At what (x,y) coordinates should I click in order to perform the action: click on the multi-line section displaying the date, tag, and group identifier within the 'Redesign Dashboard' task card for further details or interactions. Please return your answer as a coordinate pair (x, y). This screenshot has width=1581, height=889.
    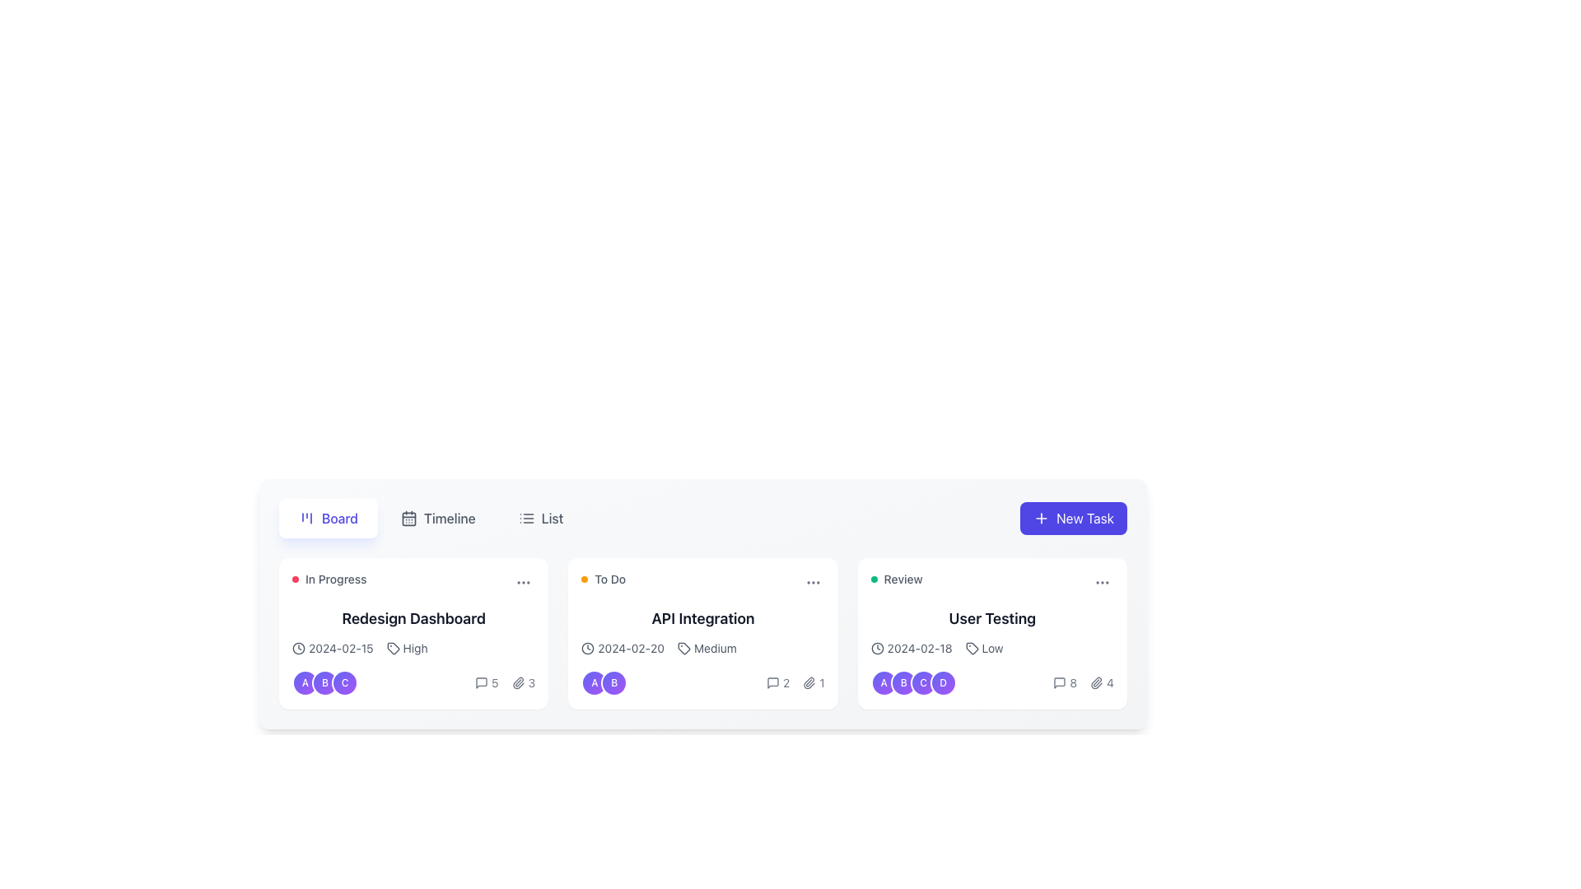
    Looking at the image, I should click on (413, 668).